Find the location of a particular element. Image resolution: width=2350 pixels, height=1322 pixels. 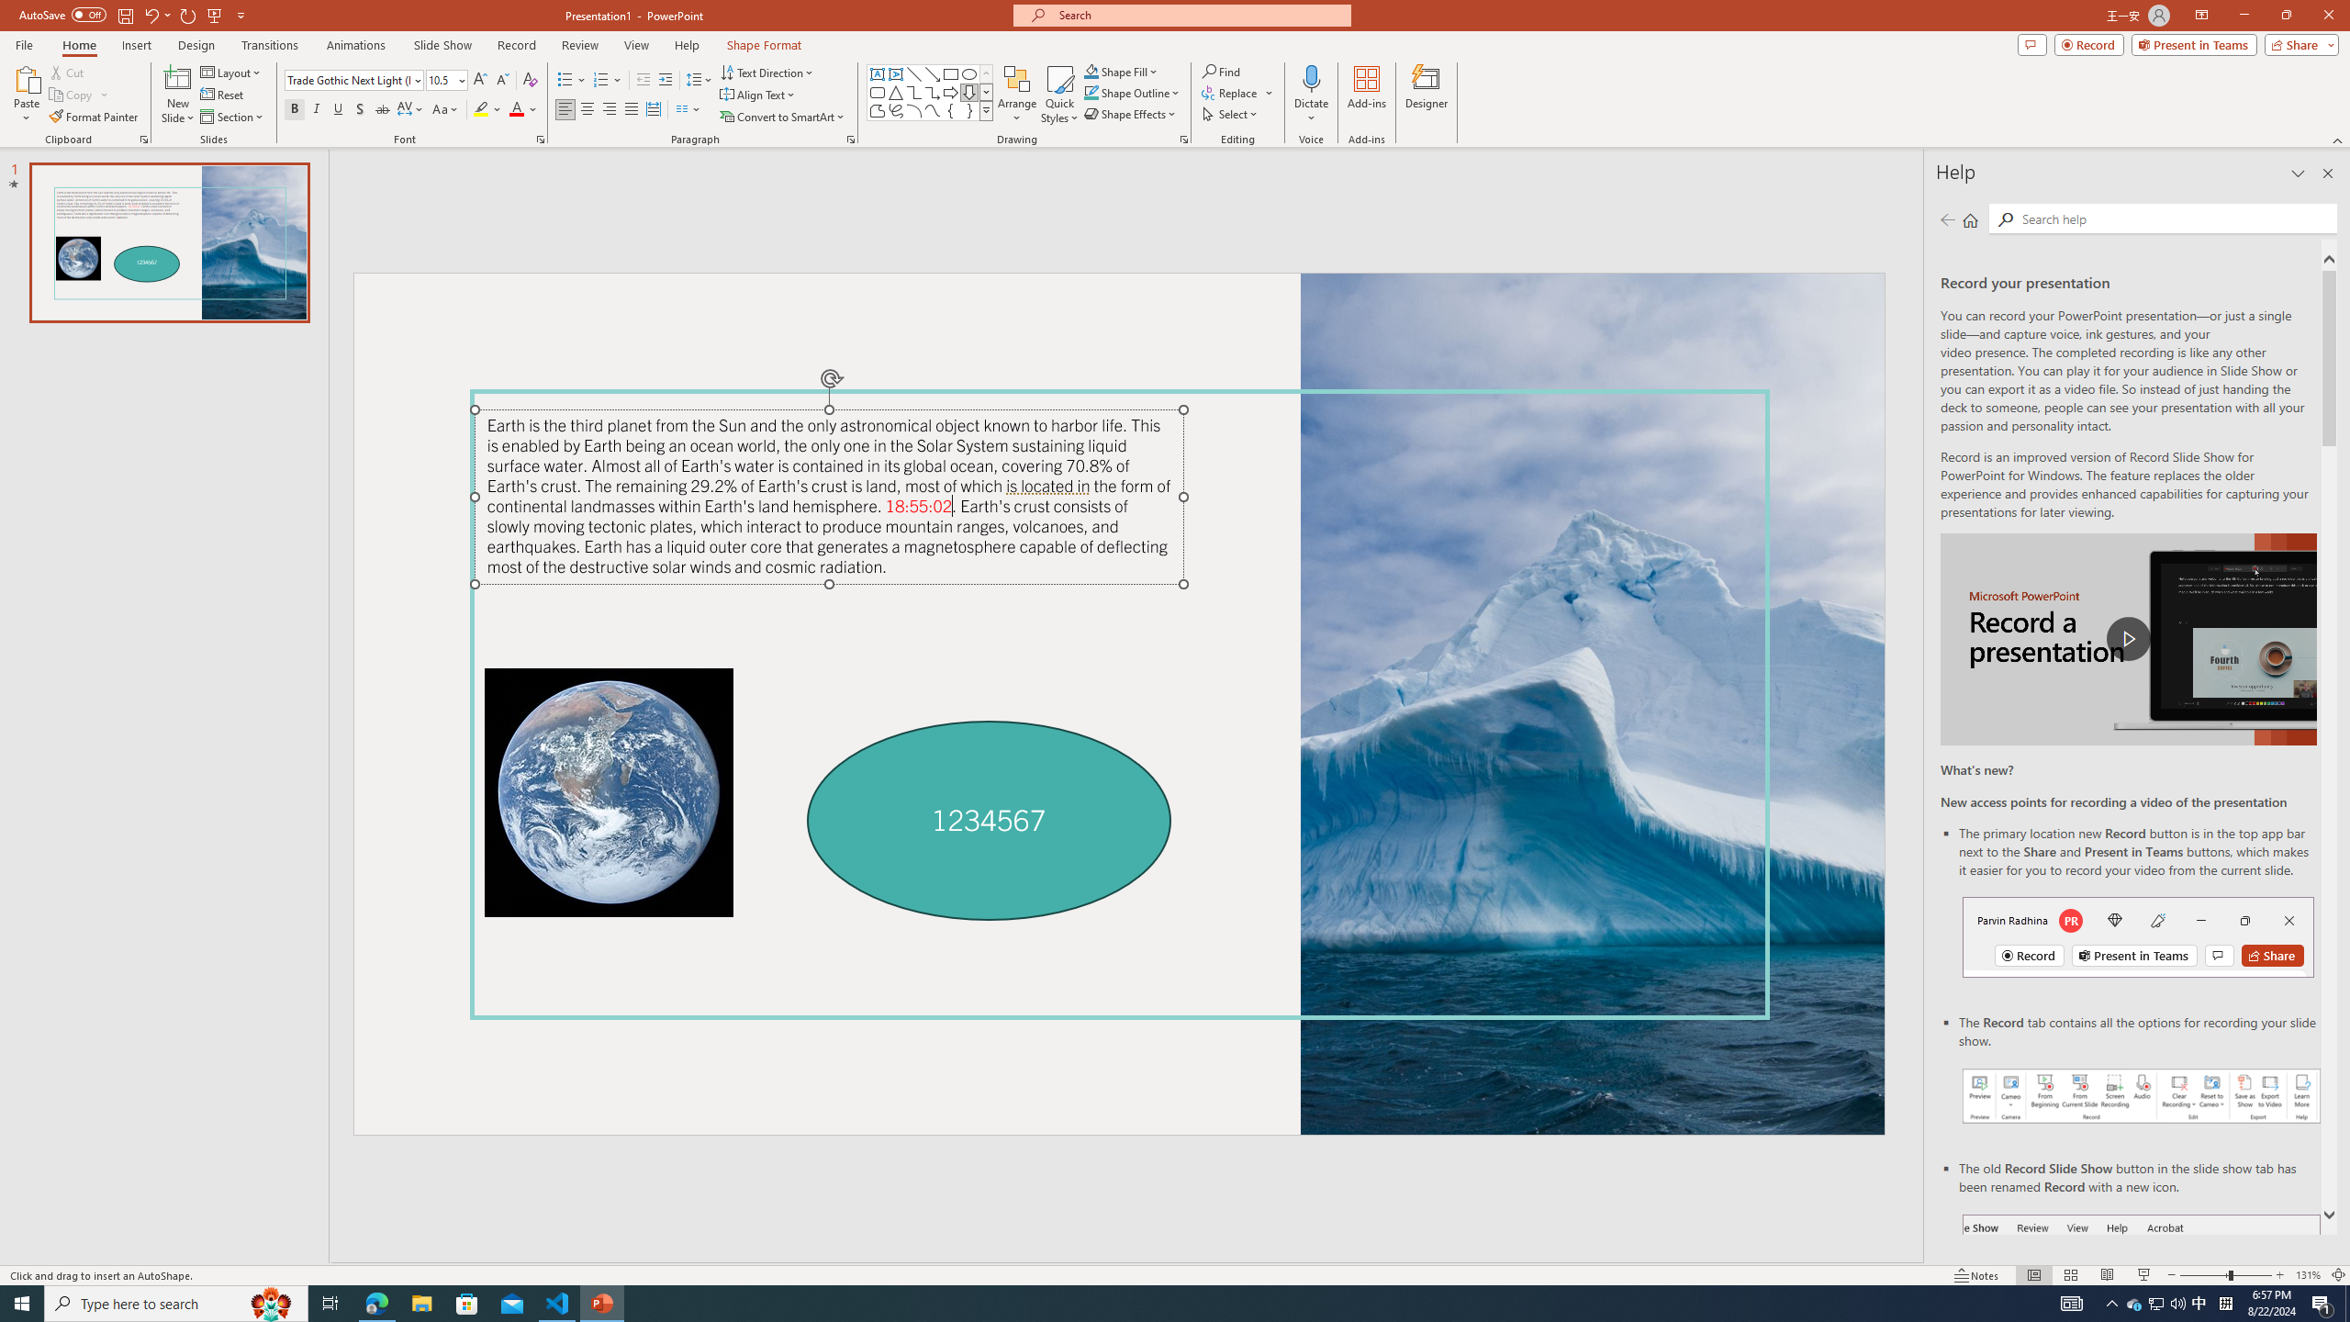

'Zoom 131%' is located at coordinates (2309, 1275).